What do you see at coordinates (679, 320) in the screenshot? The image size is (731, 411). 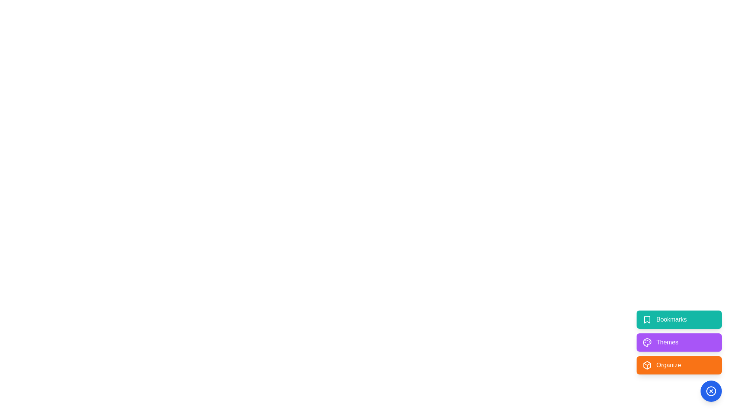 I see `the 'Bookmarks' button to perform the associated action` at bounding box center [679, 320].